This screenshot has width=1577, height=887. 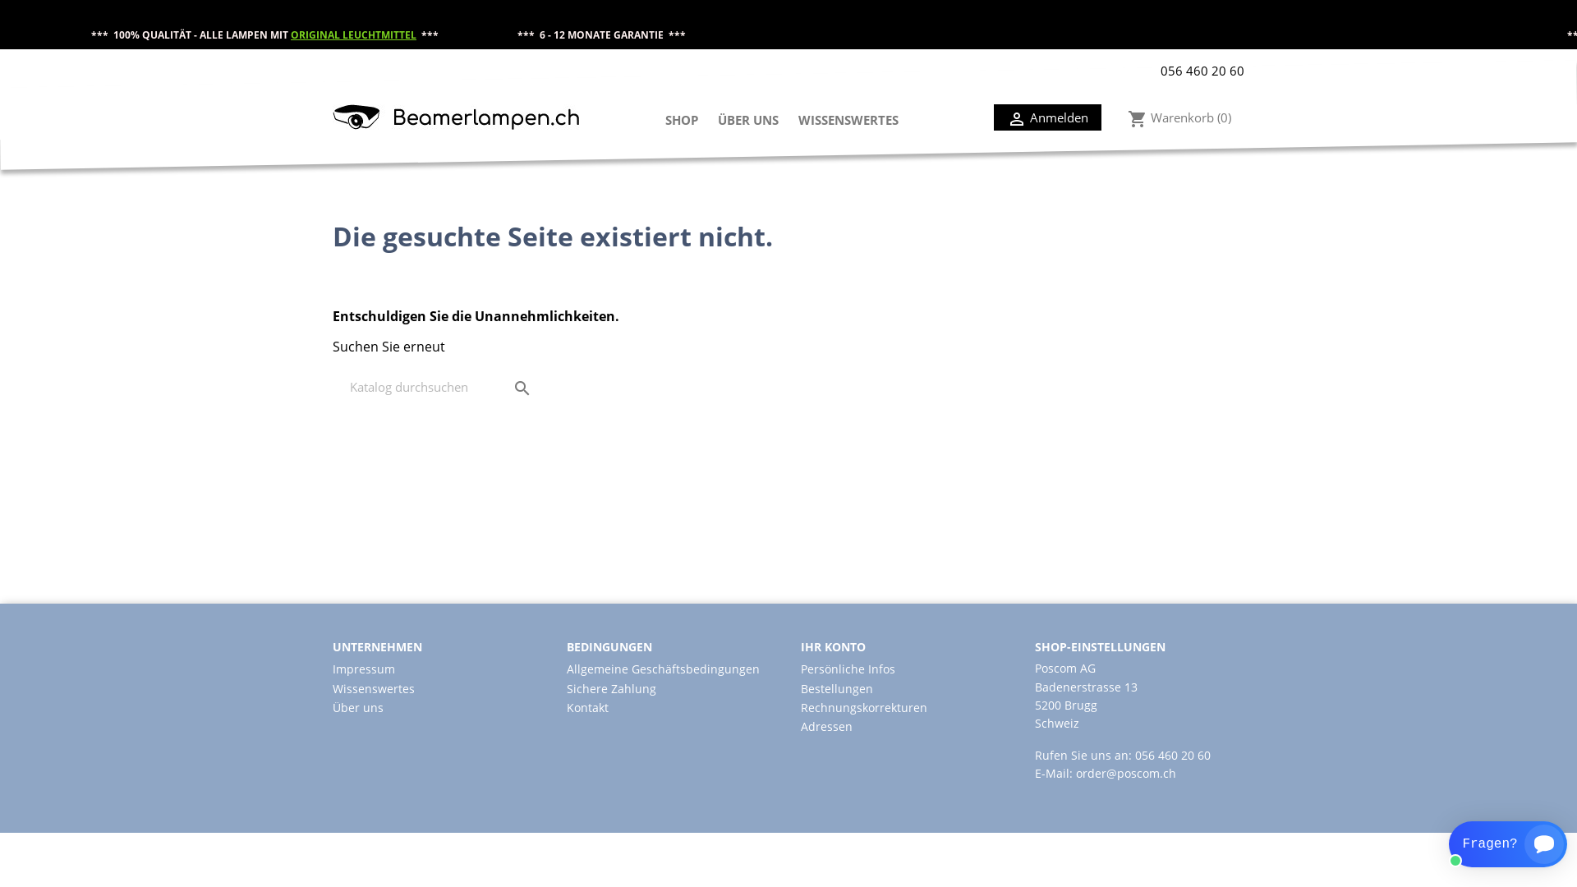 I want to click on 'Sichere Zahlung', so click(x=610, y=688).